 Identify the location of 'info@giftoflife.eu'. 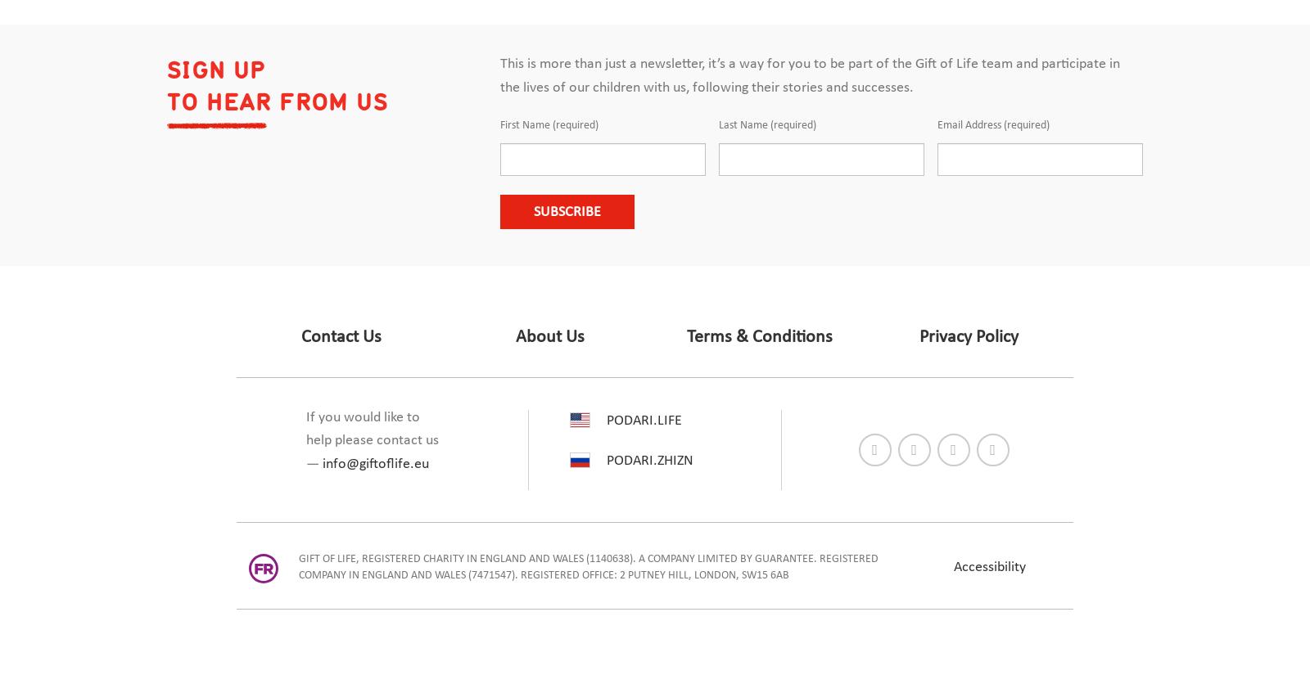
(375, 463).